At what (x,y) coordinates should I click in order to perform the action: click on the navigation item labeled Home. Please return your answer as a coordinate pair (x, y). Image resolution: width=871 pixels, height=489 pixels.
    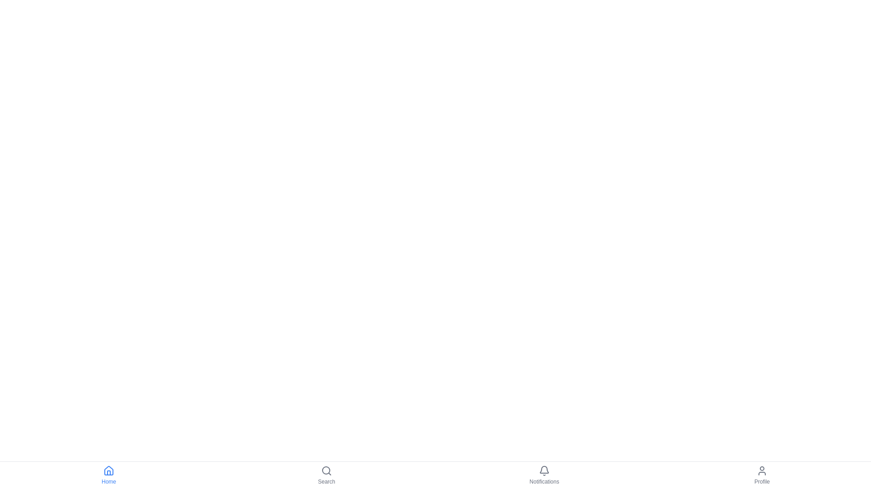
    Looking at the image, I should click on (109, 475).